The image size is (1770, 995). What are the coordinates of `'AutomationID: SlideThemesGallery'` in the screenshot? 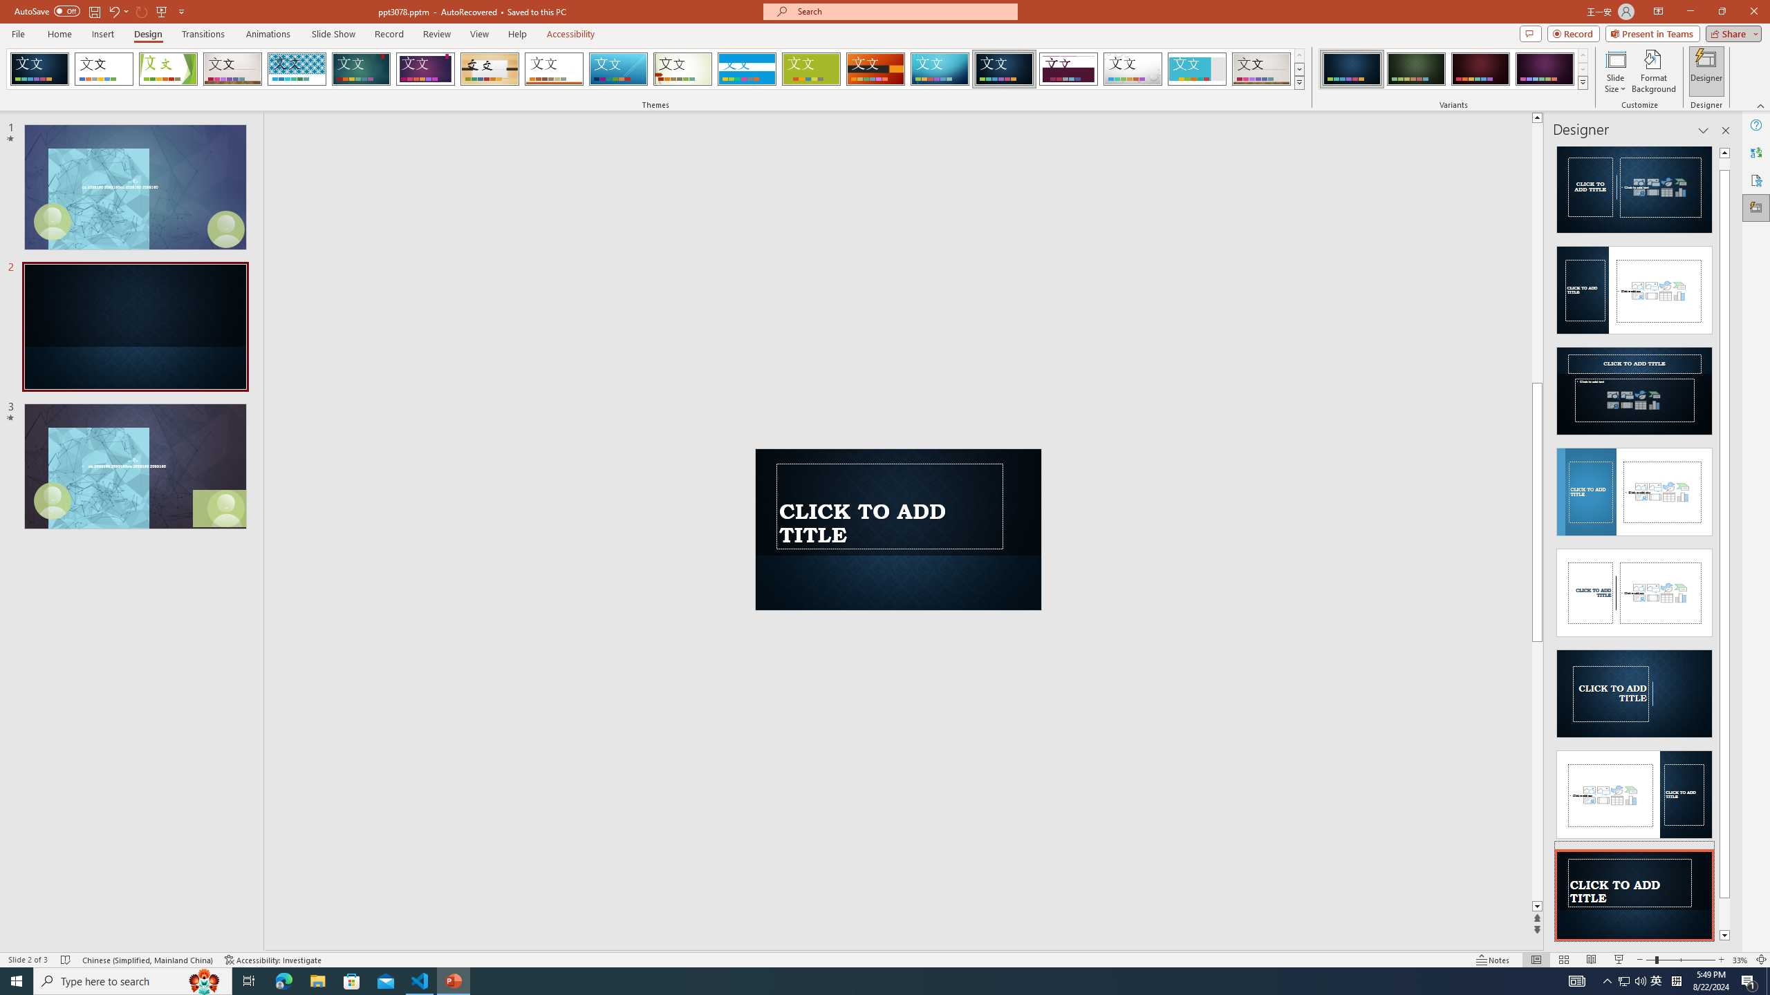 It's located at (655, 68).